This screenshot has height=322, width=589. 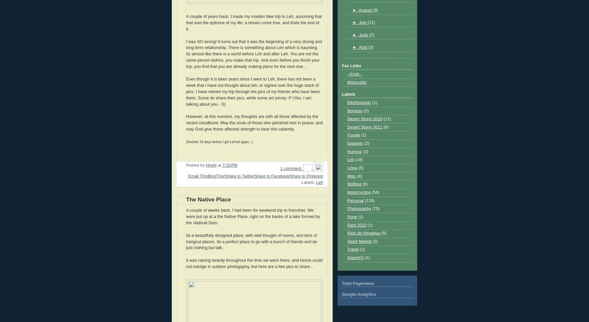 I want to click on 'Personal', so click(x=355, y=200).